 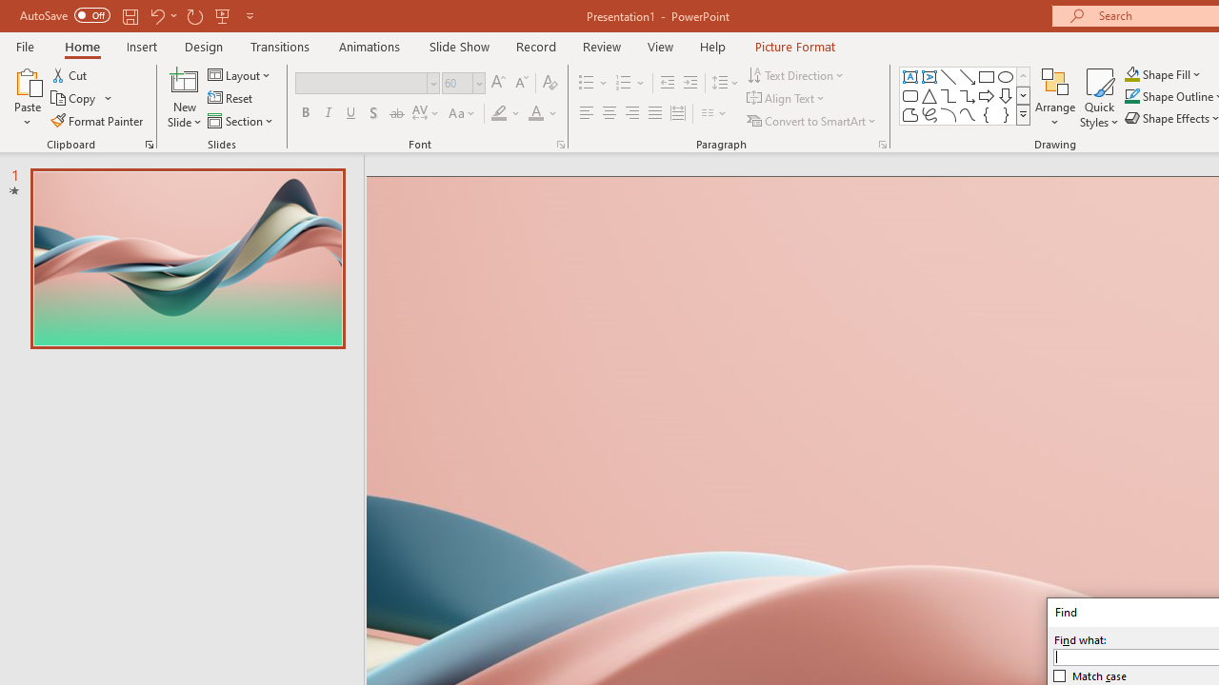 What do you see at coordinates (1132, 96) in the screenshot?
I see `'Shape Outline Blue, Accent 1'` at bounding box center [1132, 96].